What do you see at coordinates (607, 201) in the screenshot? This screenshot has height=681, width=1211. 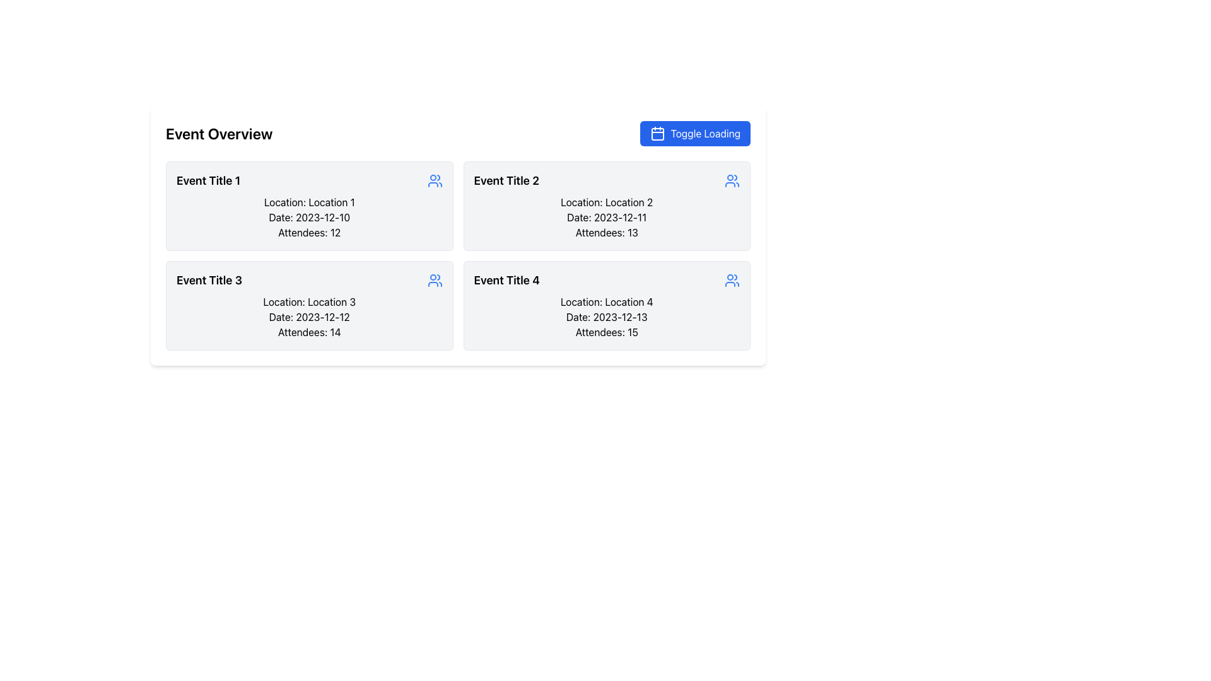 I see `contents of the Text label displaying the location associated with 'Event Title 2', which is located within the second card in a grid layout` at bounding box center [607, 201].